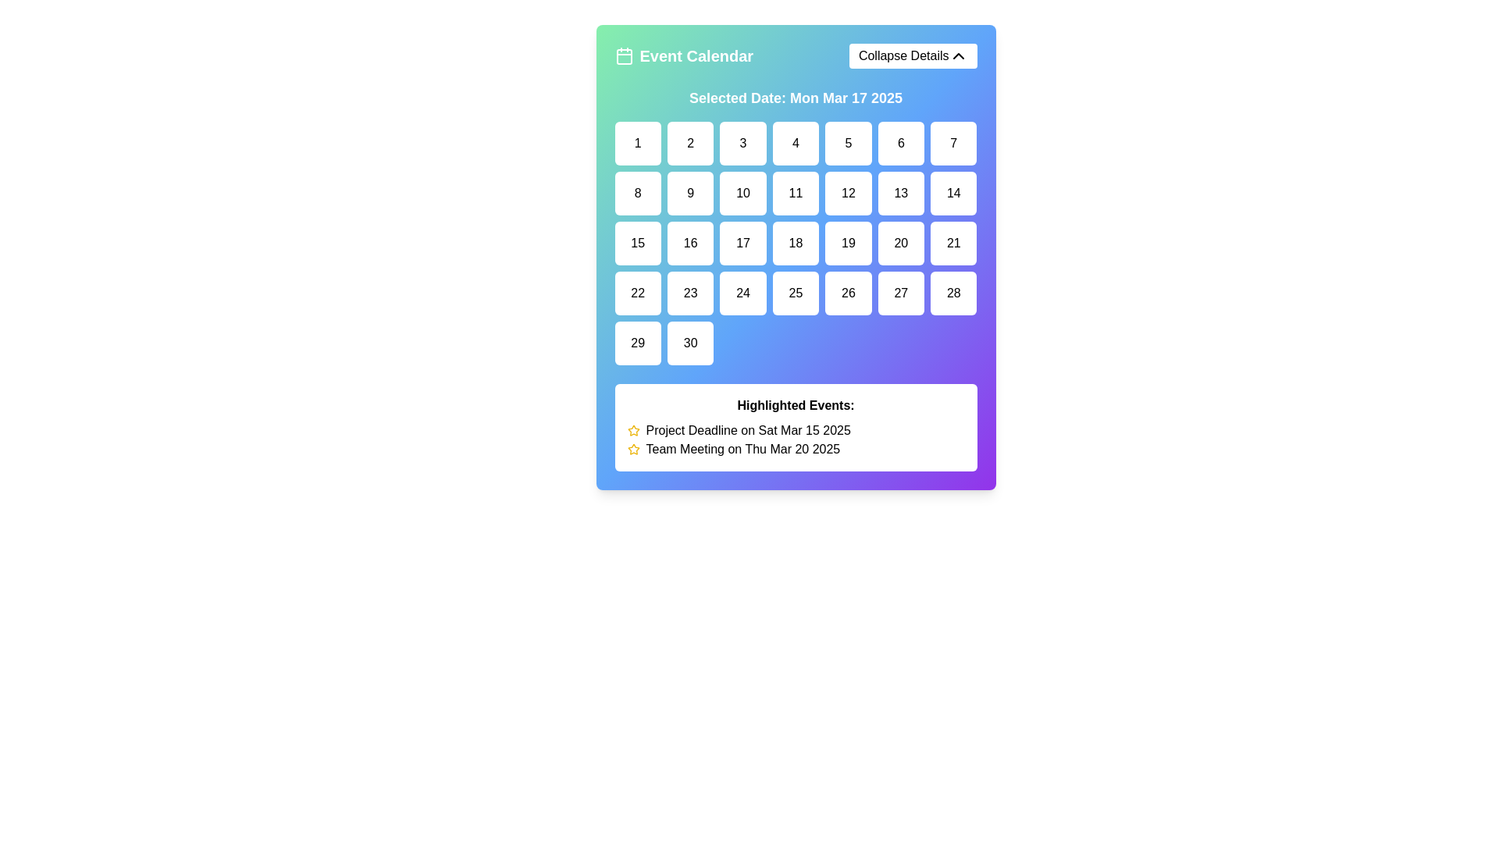 The height and width of the screenshot is (843, 1499). I want to click on the square button with black text '5' in the first row and fifth column of the grid layout to trigger the visual enlargement effect, so click(847, 144).